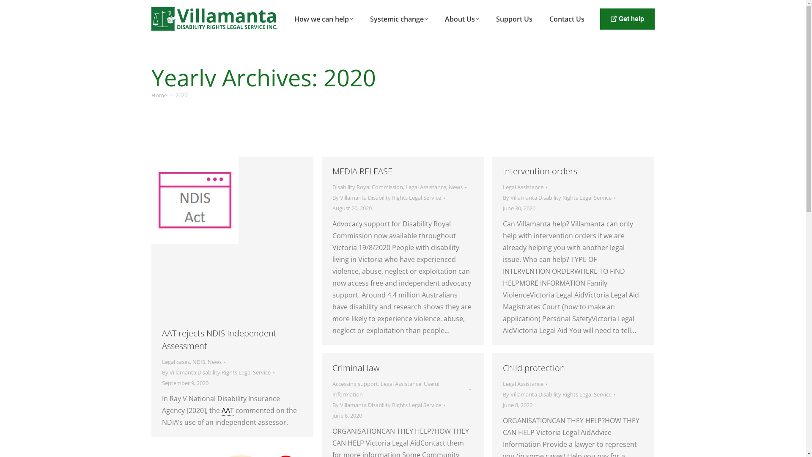 Image resolution: width=812 pixels, height=457 pixels. Describe the element at coordinates (228, 410) in the screenshot. I see `'AAT'` at that location.